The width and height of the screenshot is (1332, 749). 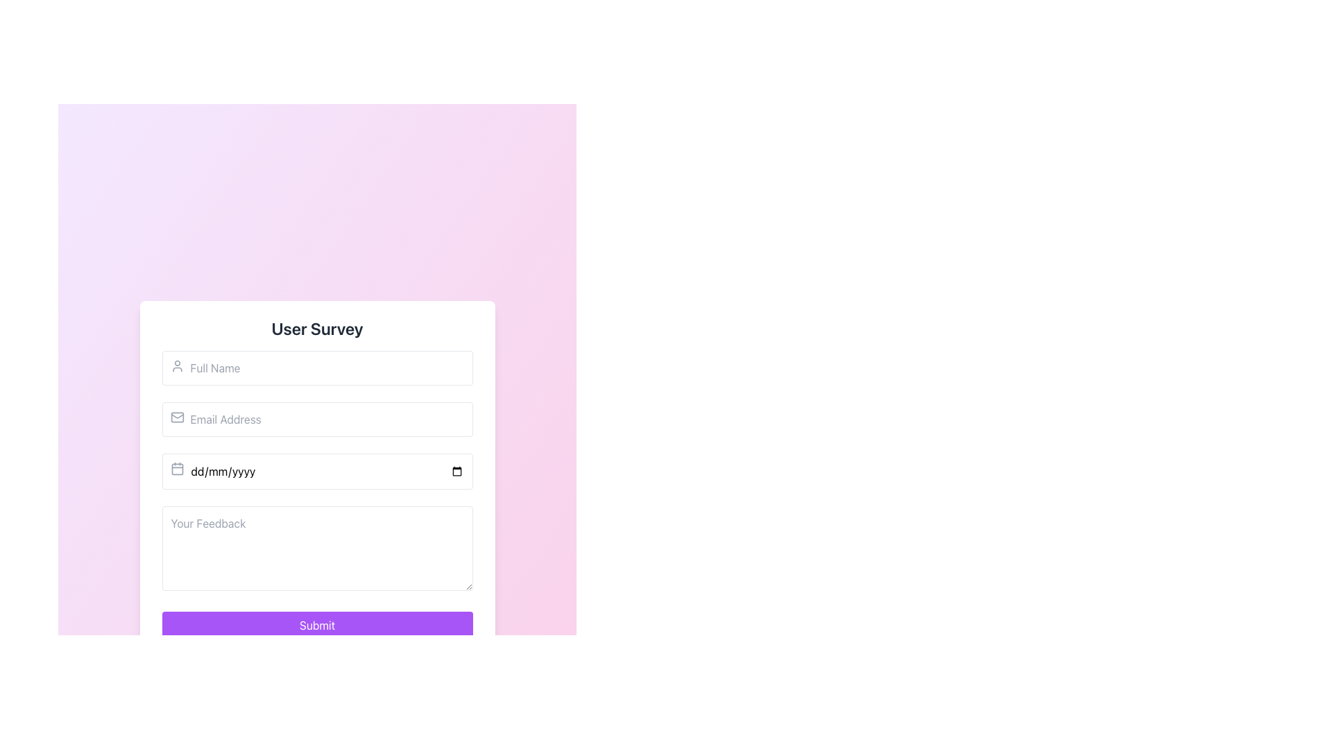 I want to click on the Decorative Icon adjacent to the 'Email Address' input field to visually indicate its function as an embellishment for email input, so click(x=176, y=416).